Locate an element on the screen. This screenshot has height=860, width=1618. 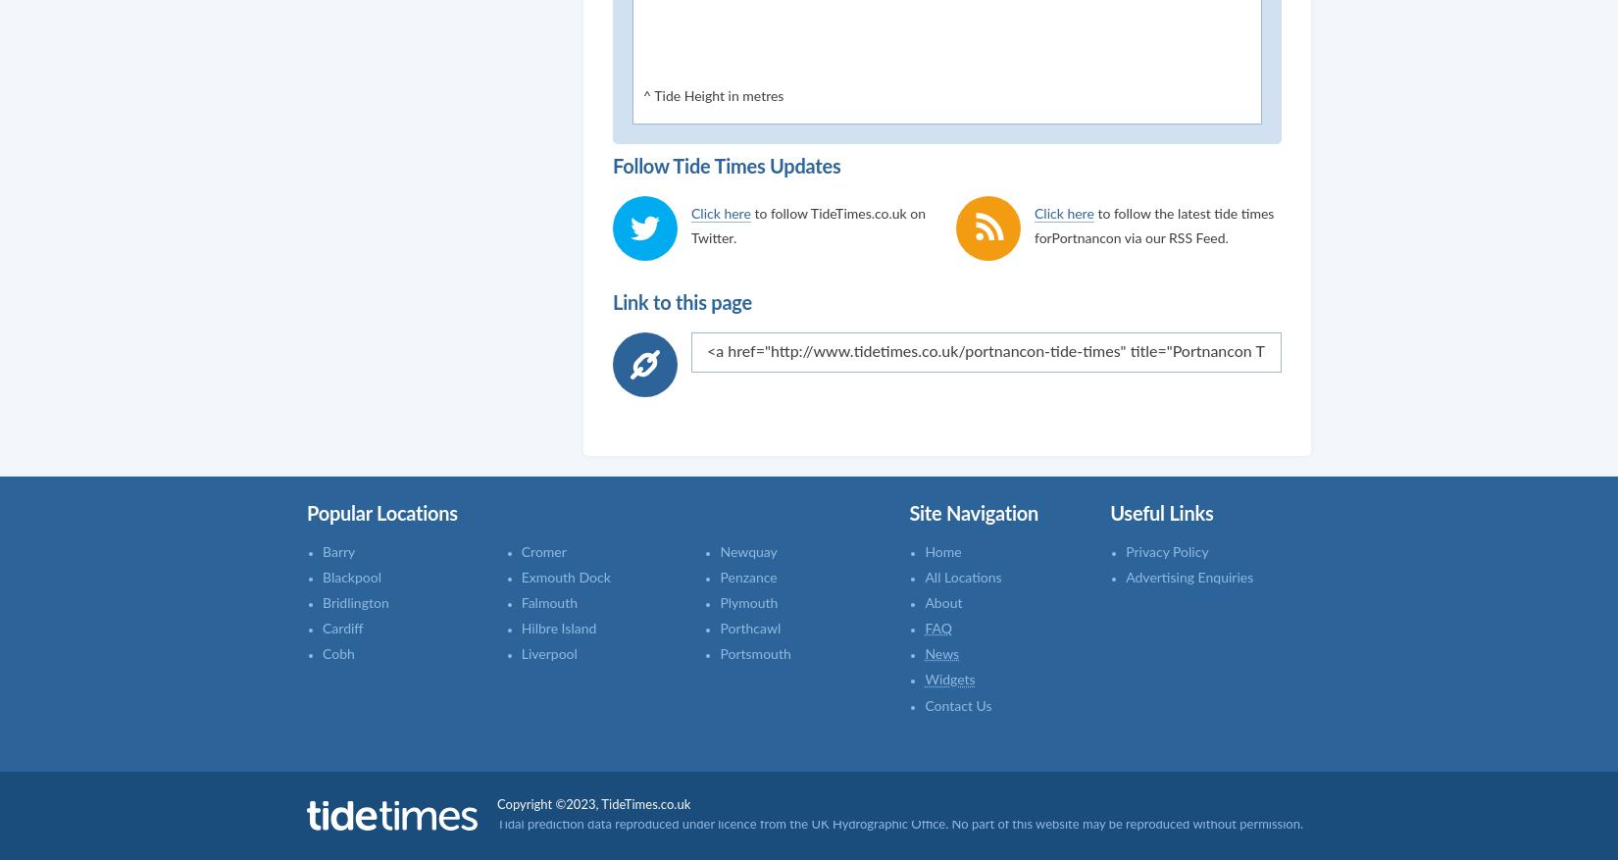
'Penzance' is located at coordinates (746, 576).